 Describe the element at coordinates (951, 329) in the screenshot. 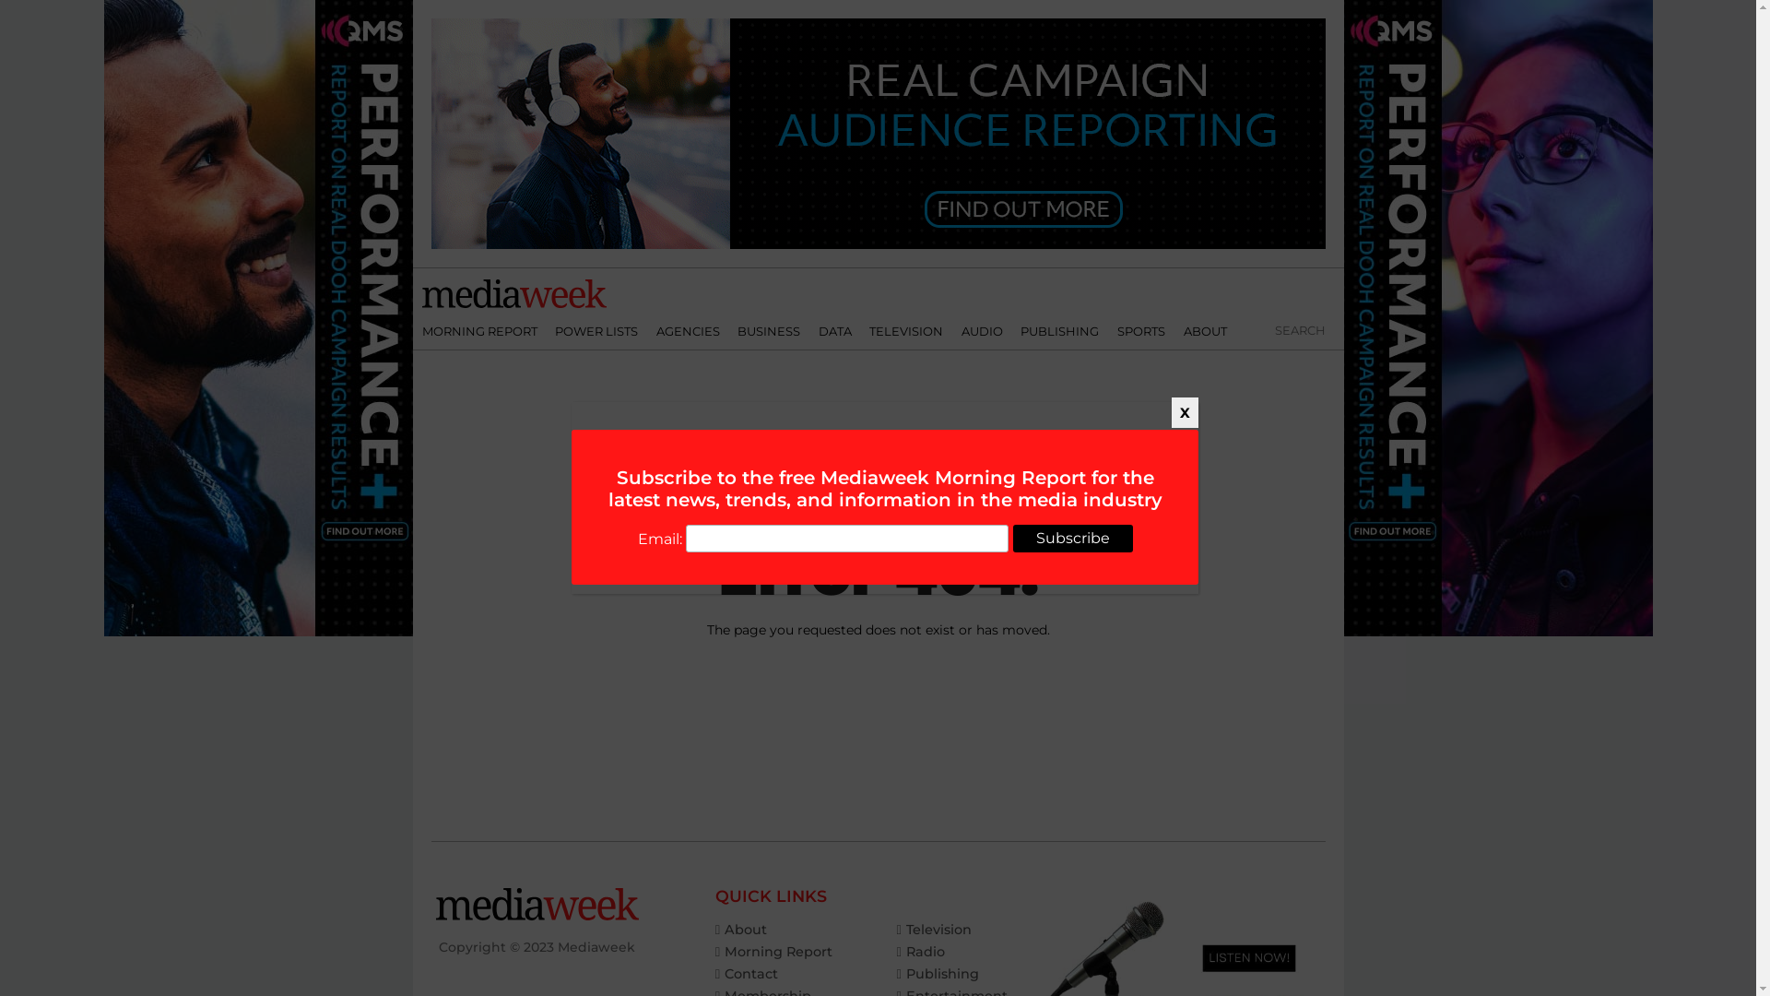

I see `'AUDIO'` at that location.